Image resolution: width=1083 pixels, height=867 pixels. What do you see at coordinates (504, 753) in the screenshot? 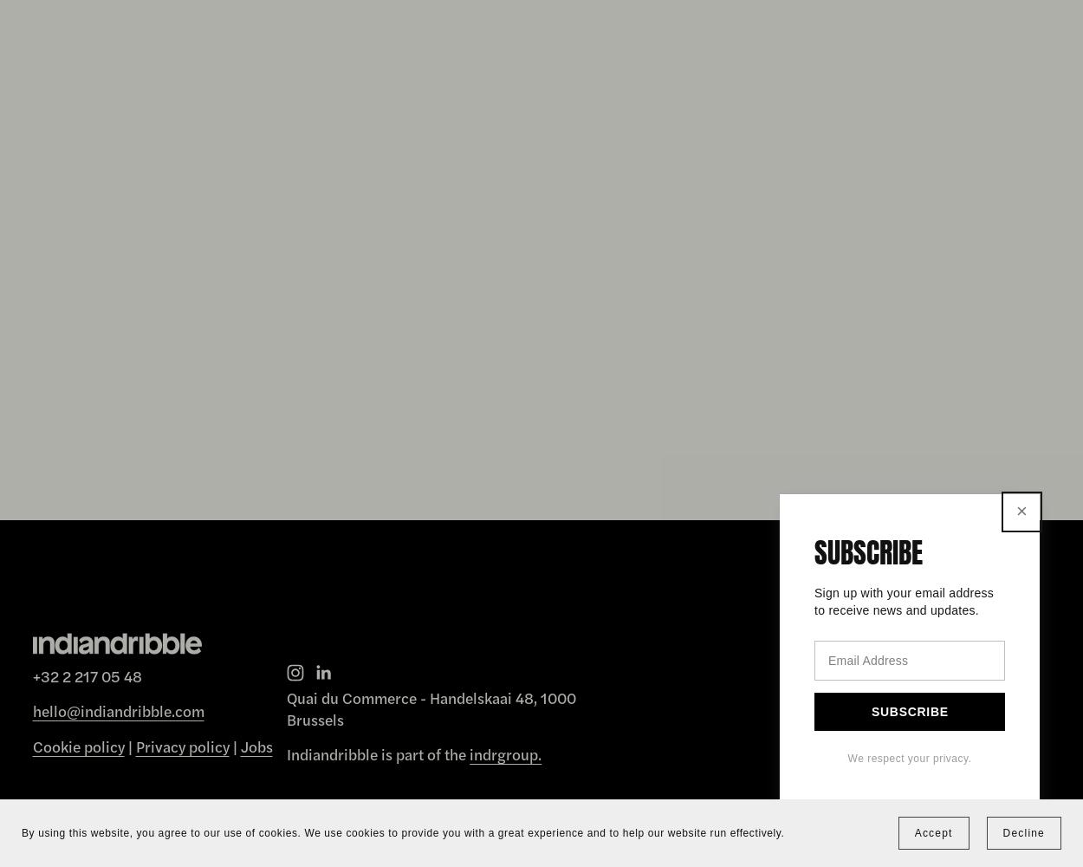
I see `'indrgroup.'` at bounding box center [504, 753].